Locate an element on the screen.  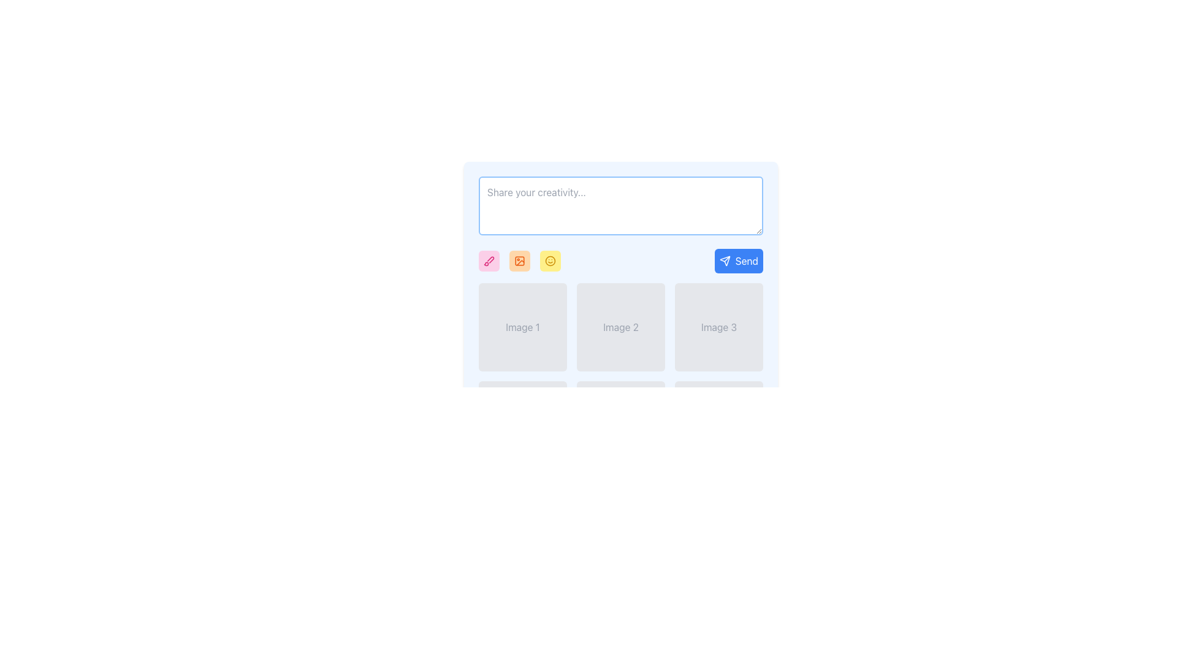
the send icon, which resembles a paper airplane with a blue background and white outline, positioned to the left of the text 'Send' is located at coordinates (725, 260).